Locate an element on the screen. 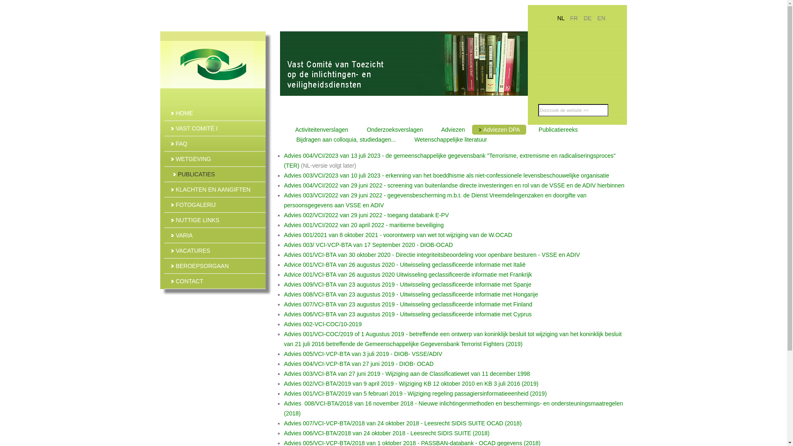 The width and height of the screenshot is (793, 446). 'EN' is located at coordinates (601, 18).